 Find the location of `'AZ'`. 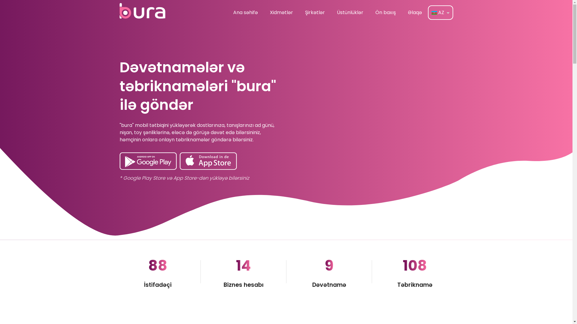

'AZ' is located at coordinates (428, 13).